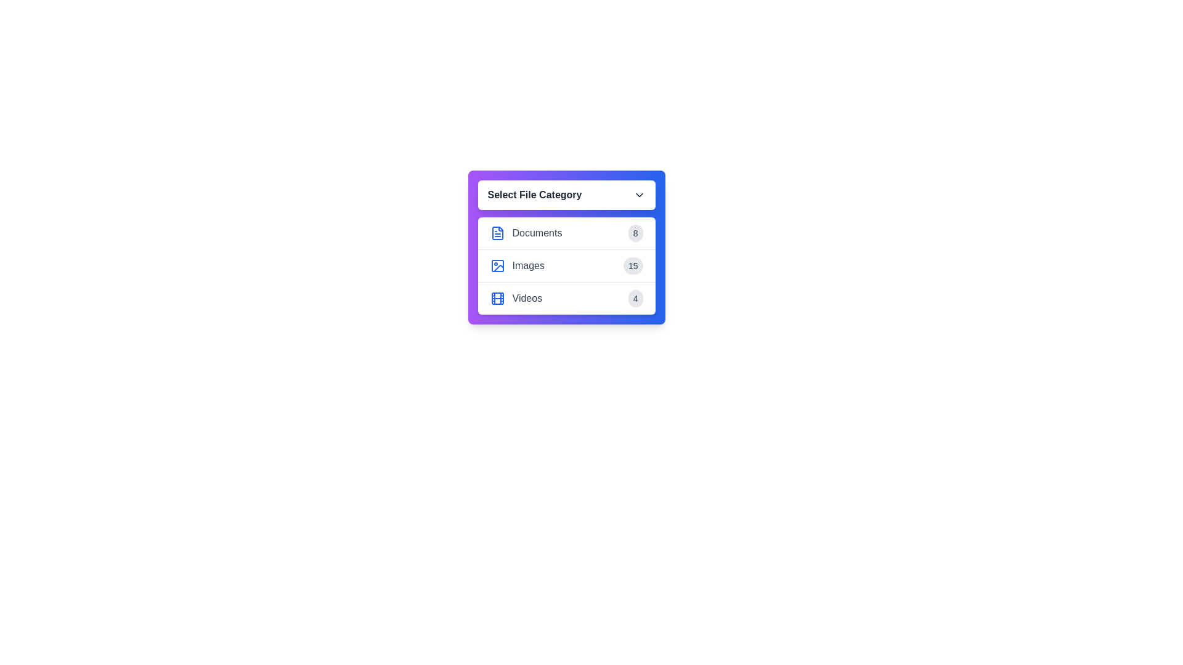 The height and width of the screenshot is (665, 1183). What do you see at coordinates (566, 265) in the screenshot?
I see `the 'Images' category row in the dropdown menu` at bounding box center [566, 265].